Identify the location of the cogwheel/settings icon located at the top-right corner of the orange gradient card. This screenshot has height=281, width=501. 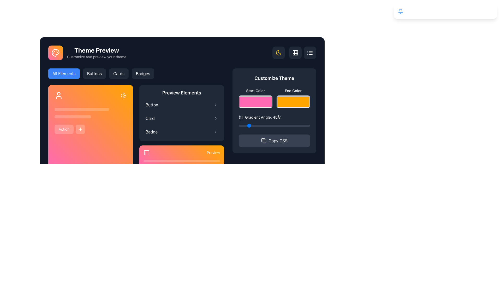
(123, 95).